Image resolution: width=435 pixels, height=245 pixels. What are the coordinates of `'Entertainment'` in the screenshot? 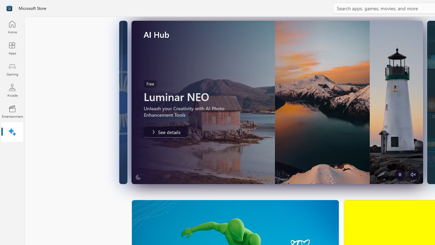 It's located at (12, 111).